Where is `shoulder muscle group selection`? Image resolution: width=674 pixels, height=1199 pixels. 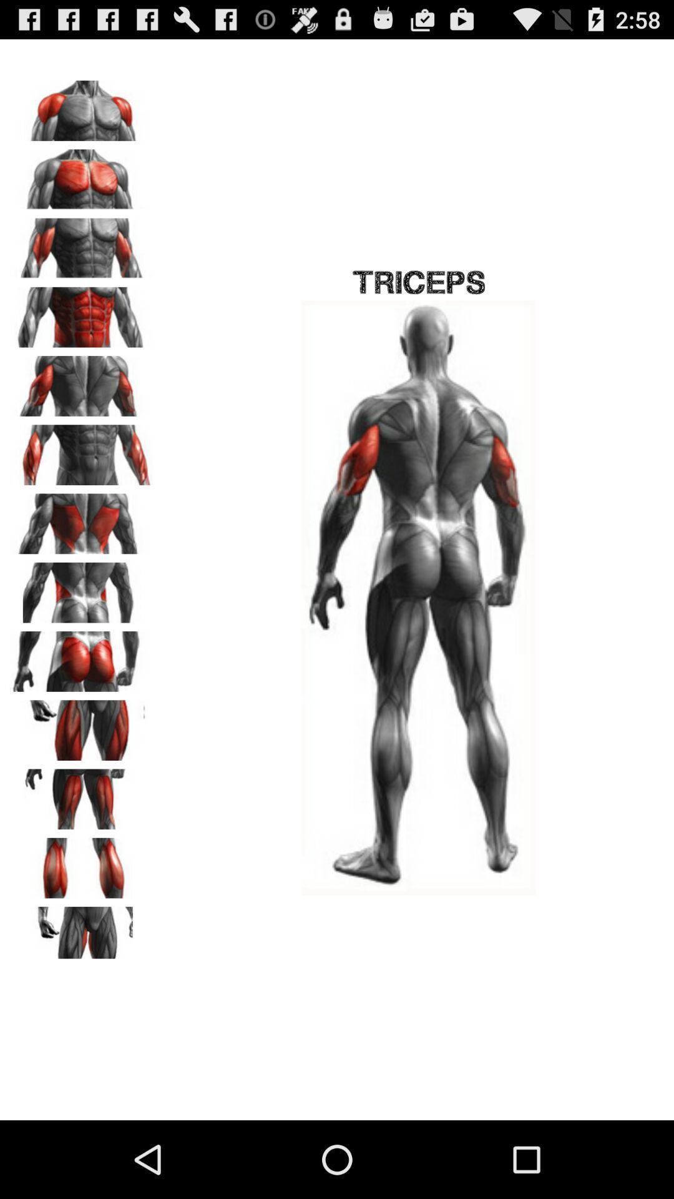 shoulder muscle group selection is located at coordinates (82, 106).